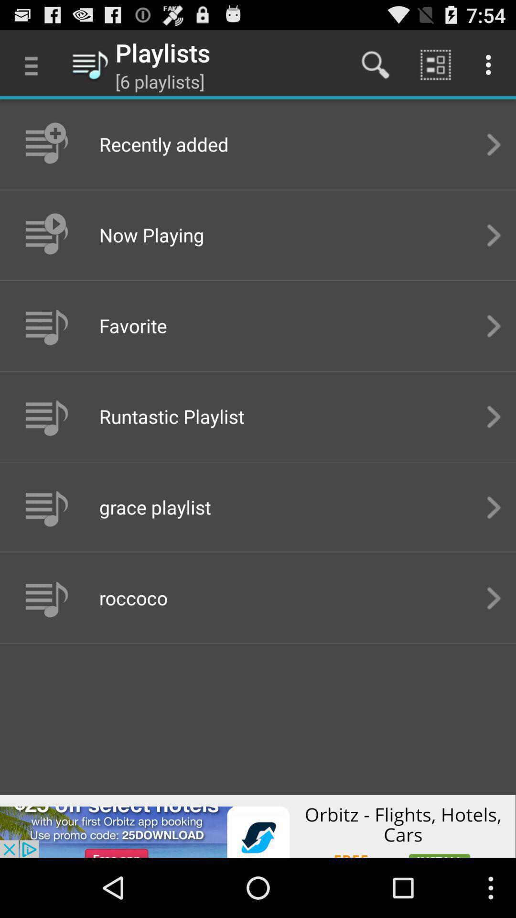  Describe the element at coordinates (474, 543) in the screenshot. I see `the arrow_forward icon` at that location.